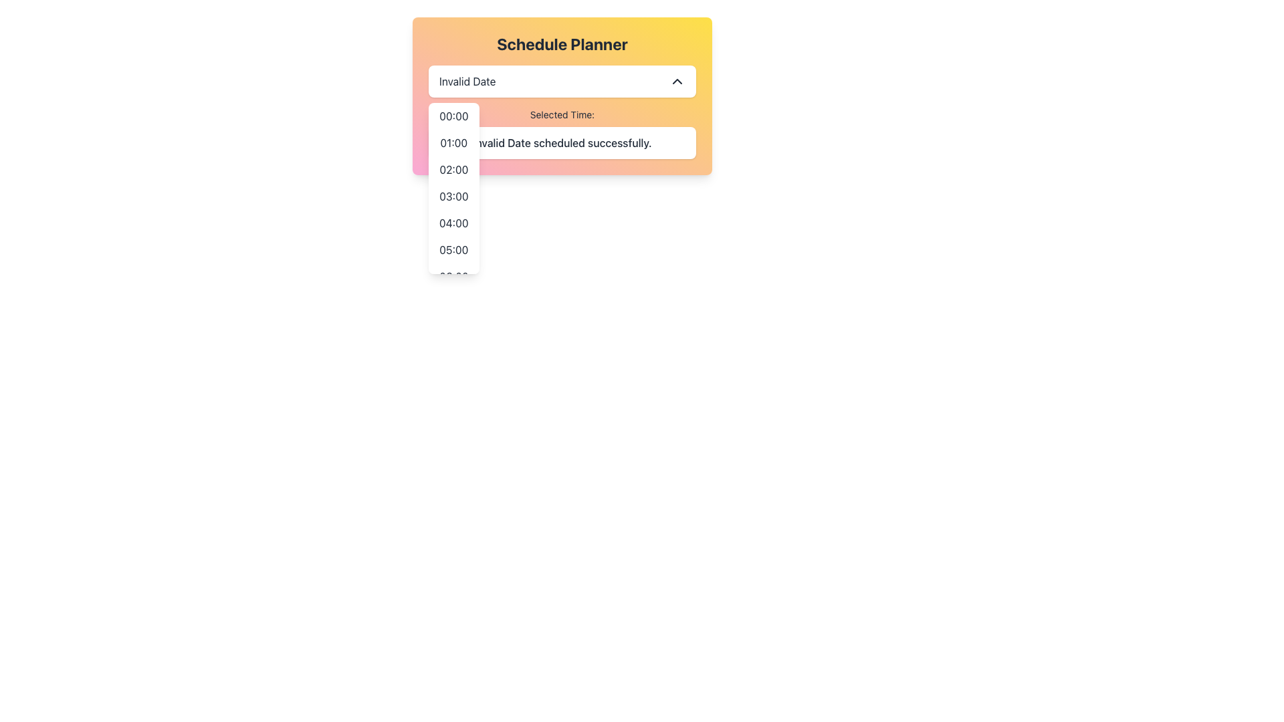  I want to click on the Text Title serving as the header for the 'Schedule Planner' interface, which is positioned at the top of a card-like structure with a gradient background, so click(562, 43).